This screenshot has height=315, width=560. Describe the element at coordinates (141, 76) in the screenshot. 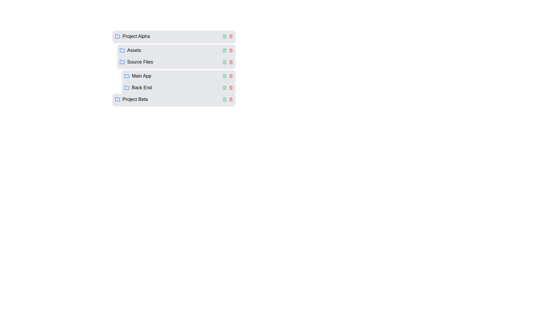

I see `the 'Main App' text label, which is styled with a standard font and located next to a blue folder icon in the interactive list under 'Source Files'` at that location.